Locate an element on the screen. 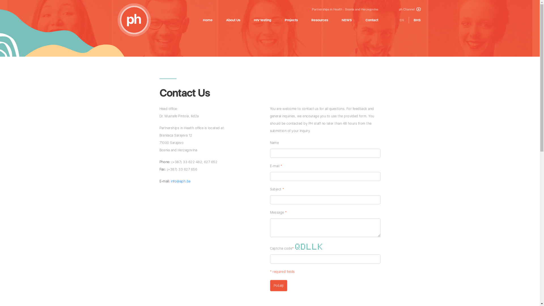  'BHS' is located at coordinates (417, 20).